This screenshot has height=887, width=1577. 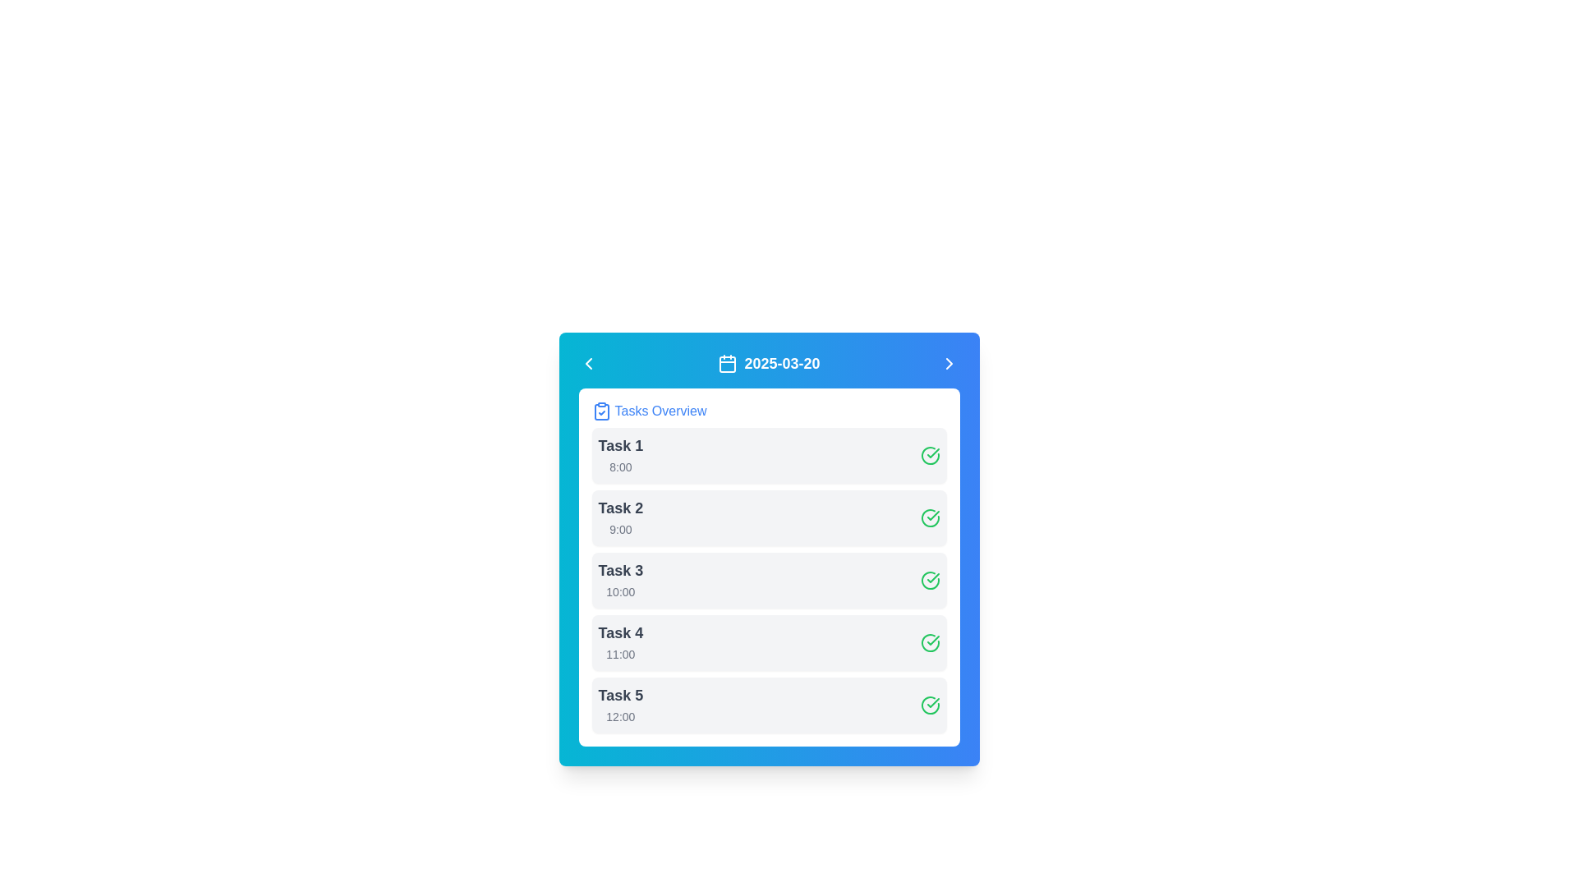 I want to click on the rightward-pointing chevron icon located on the far right side of the blue header bar, adjacent to the date '2025-03-20', so click(x=949, y=363).